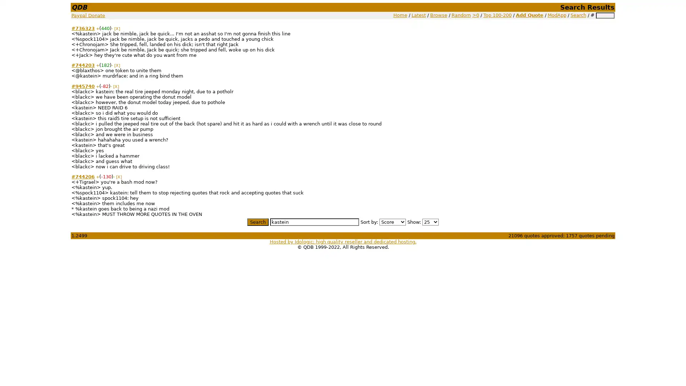 The width and height of the screenshot is (686, 386). I want to click on Search, so click(257, 221).